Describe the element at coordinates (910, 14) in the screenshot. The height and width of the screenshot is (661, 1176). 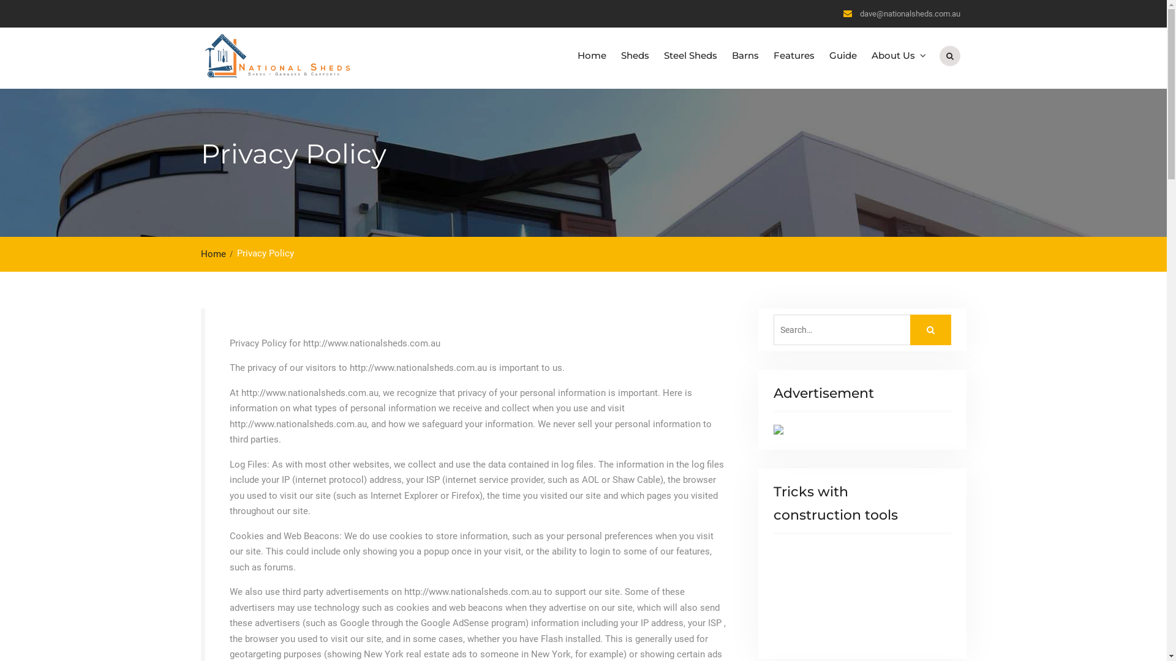
I see `'dave@nationalsheds.com.au'` at that location.